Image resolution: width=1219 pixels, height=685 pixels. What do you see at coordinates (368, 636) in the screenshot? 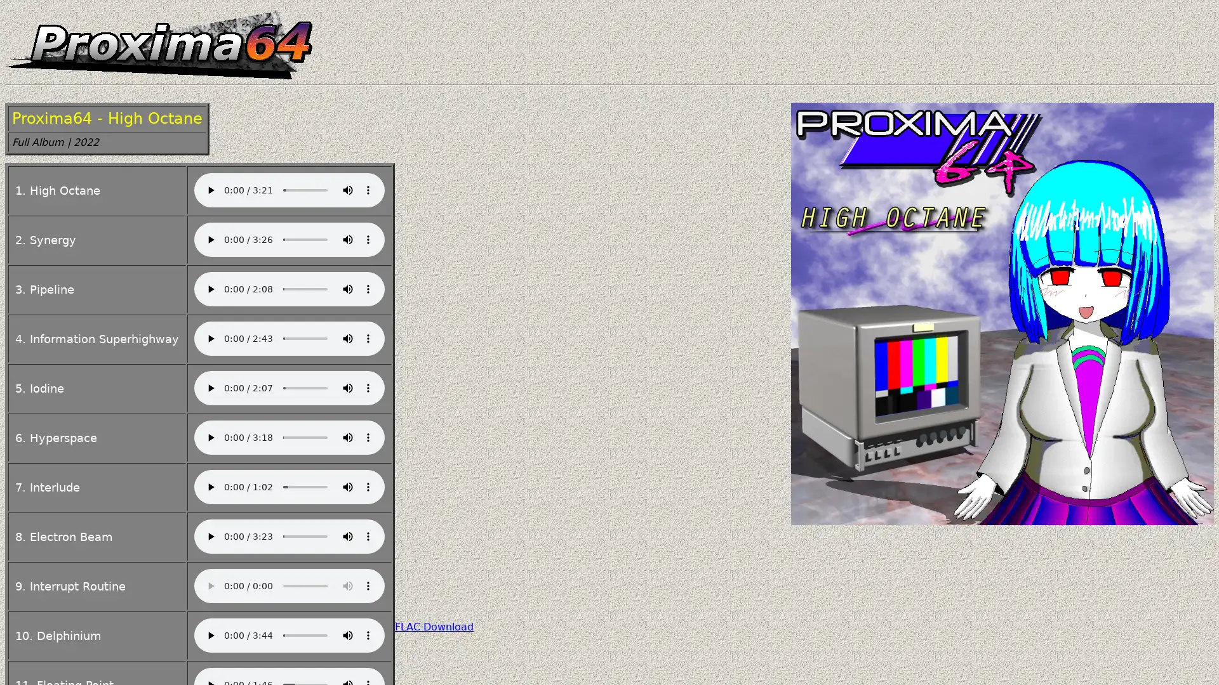
I see `show more media controls` at bounding box center [368, 636].